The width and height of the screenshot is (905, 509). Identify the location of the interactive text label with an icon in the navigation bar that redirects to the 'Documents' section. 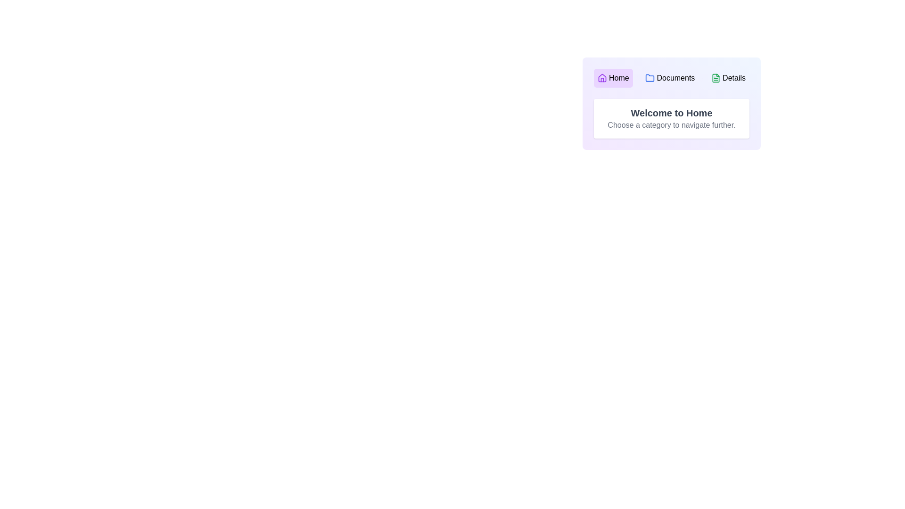
(669, 77).